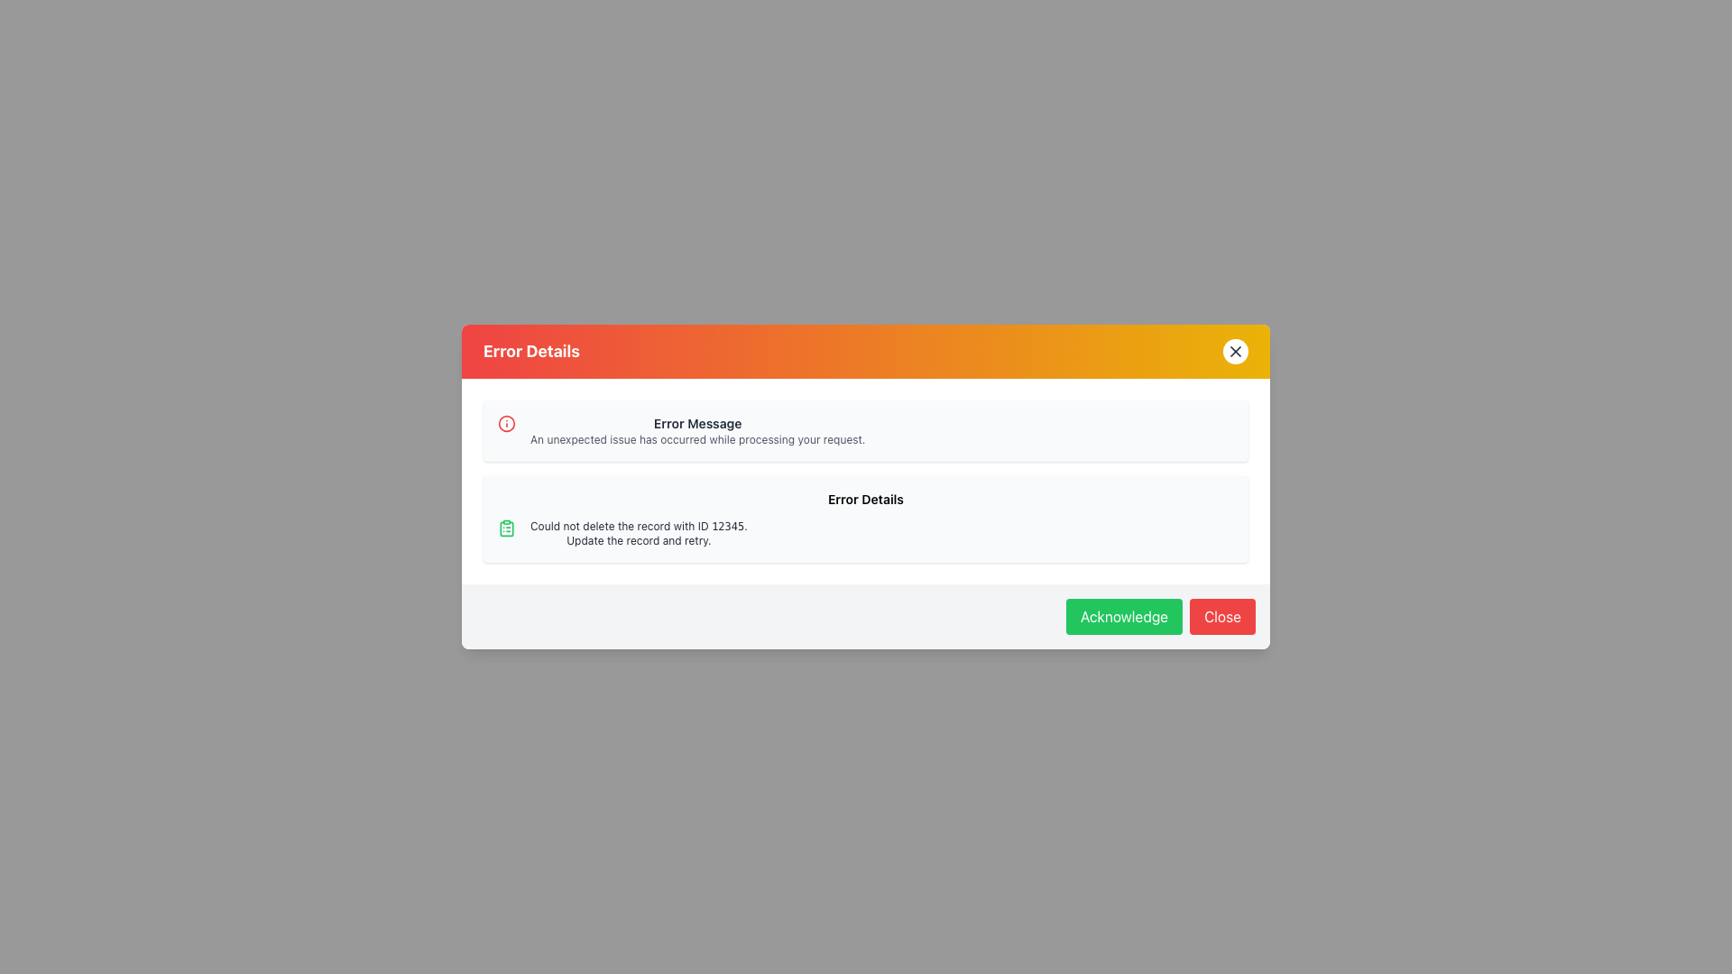 The height and width of the screenshot is (974, 1732). Describe the element at coordinates (1234, 351) in the screenshot. I see `the Close button located in the top-right corner of the dialog box, which is encapsulated within a circular button with a rounded orange header to observe styling changes` at that location.